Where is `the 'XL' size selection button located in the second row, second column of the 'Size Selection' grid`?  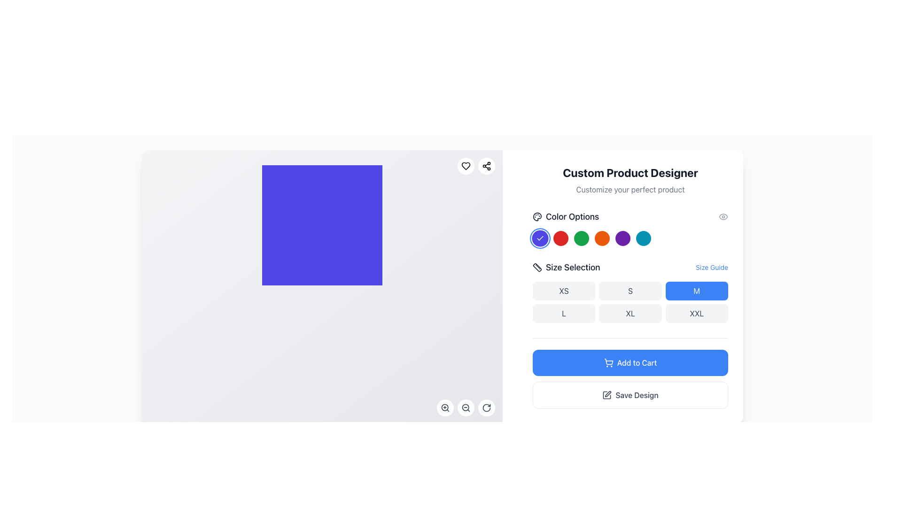 the 'XL' size selection button located in the second row, second column of the 'Size Selection' grid is located at coordinates (630, 313).